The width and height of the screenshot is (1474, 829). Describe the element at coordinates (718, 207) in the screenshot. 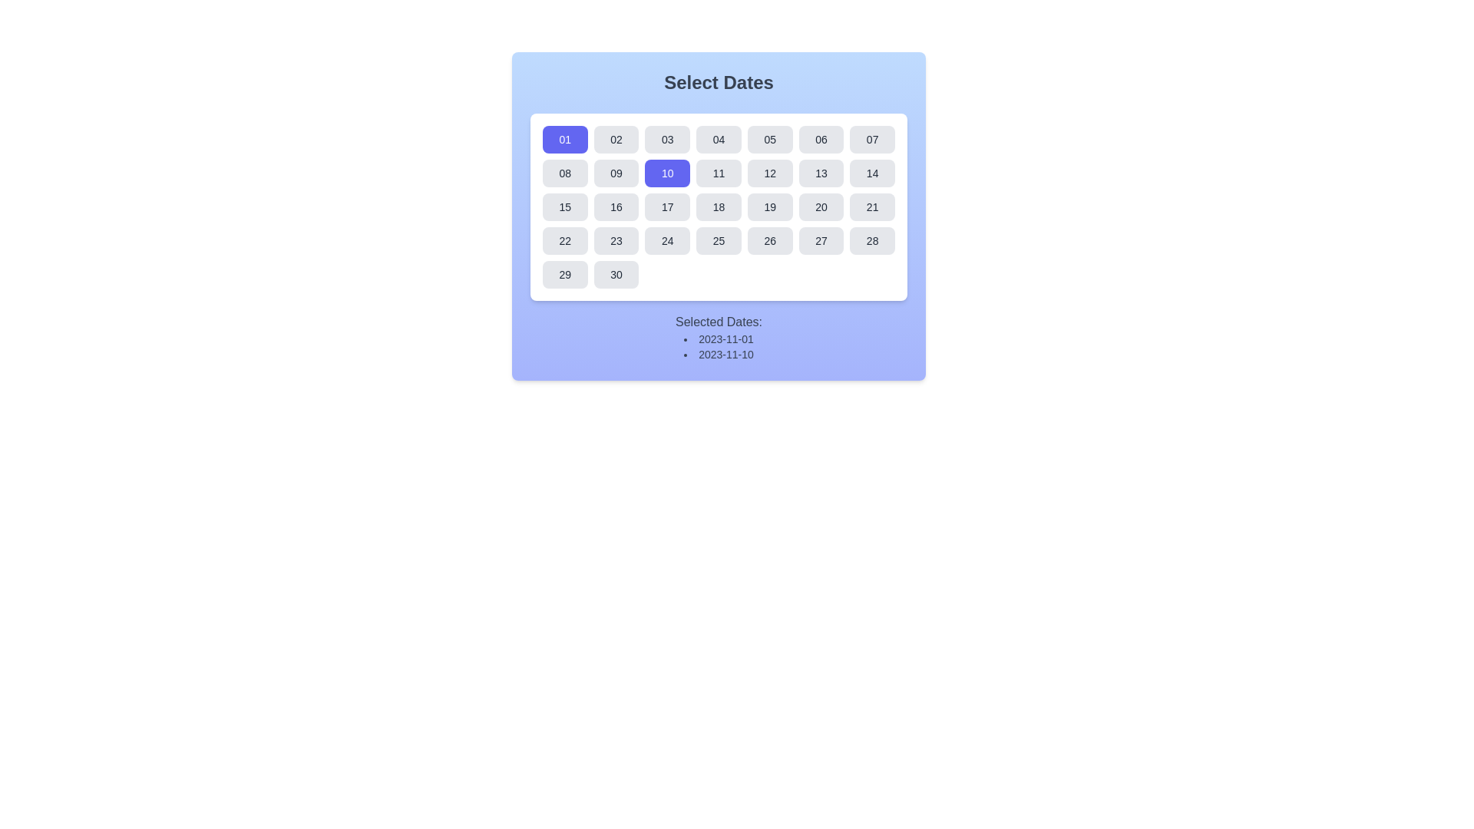

I see `the individual day box in the interactive grid/calendar component located beneath the heading 'Select Dates'` at that location.